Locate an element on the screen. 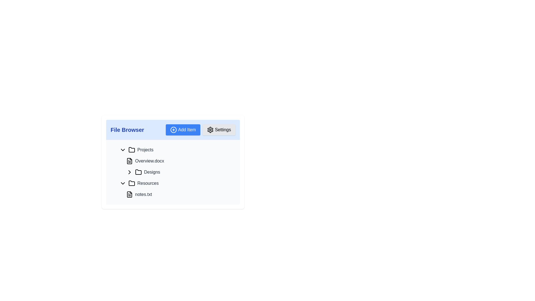  the 'Designs' folder view item is located at coordinates (172, 172).